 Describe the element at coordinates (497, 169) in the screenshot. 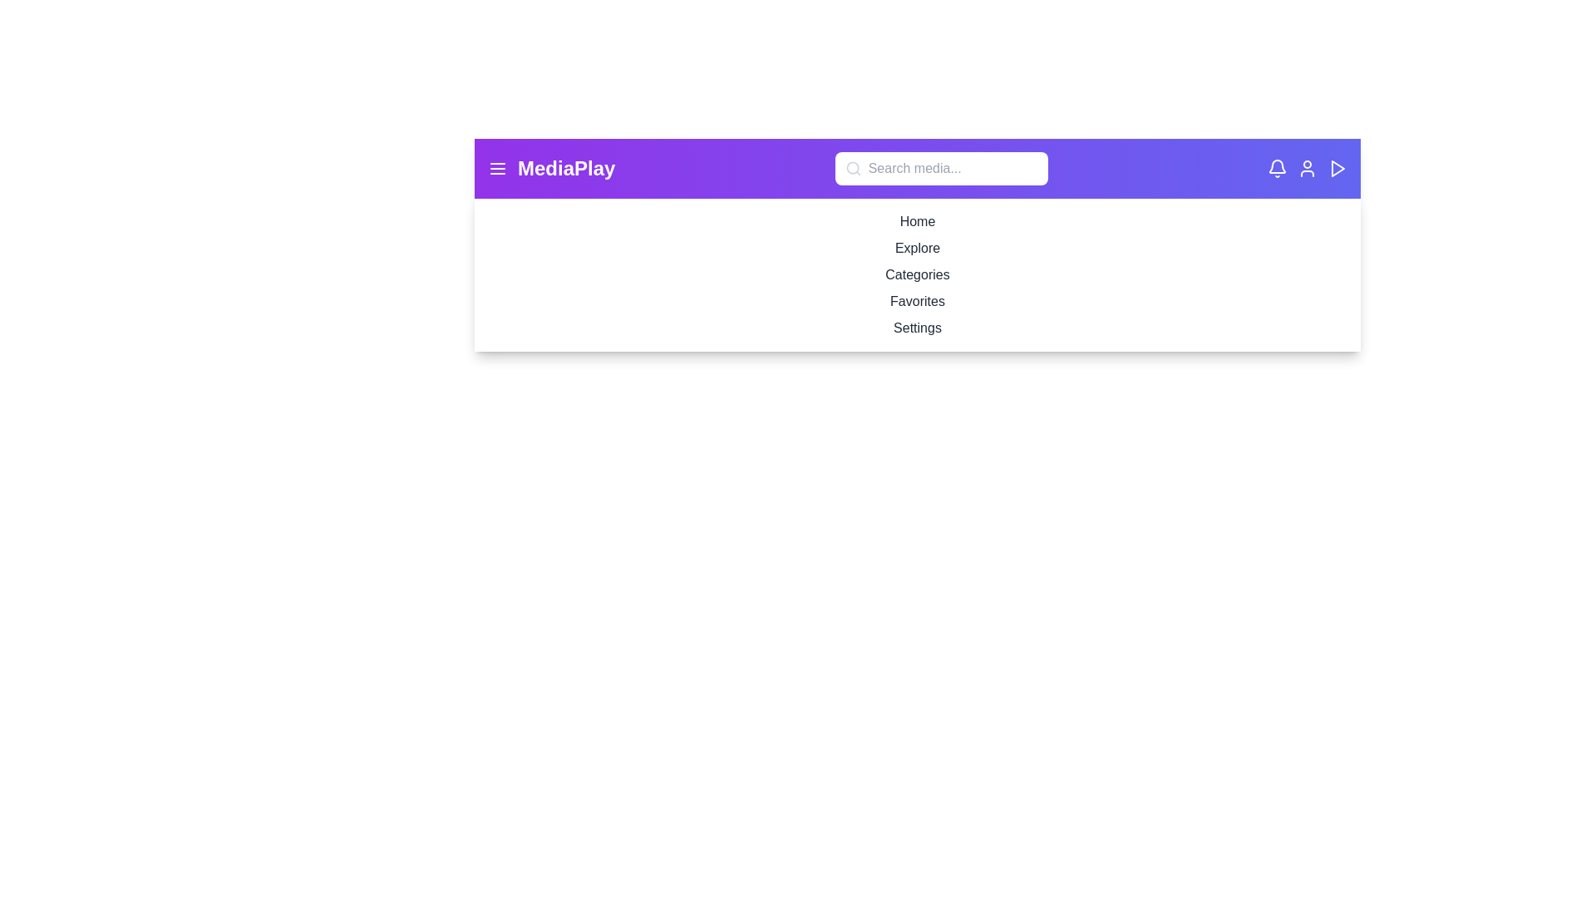

I see `the hamburger menu icon located in the top-left corner of the interface, part of the 'MediaPlay' group` at that location.